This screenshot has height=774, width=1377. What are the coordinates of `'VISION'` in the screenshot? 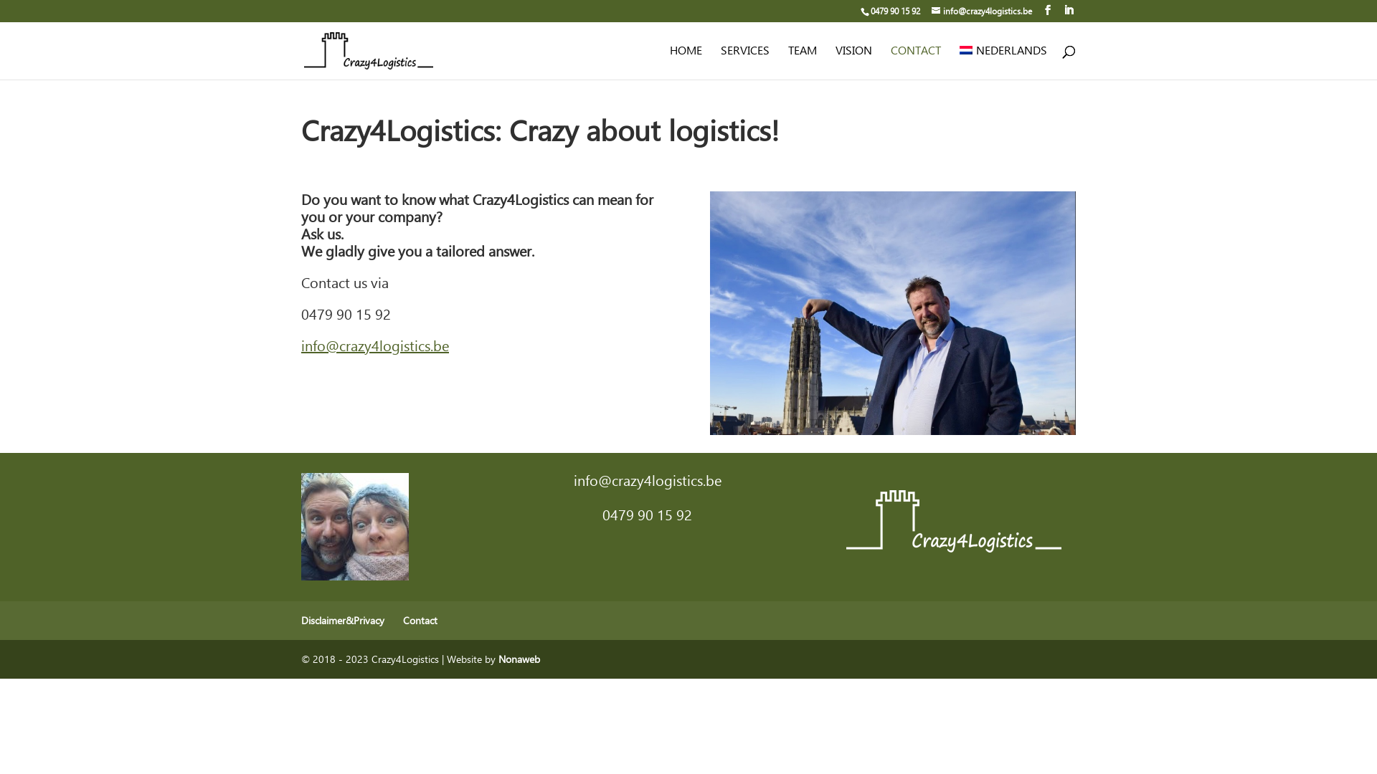 It's located at (836, 62).